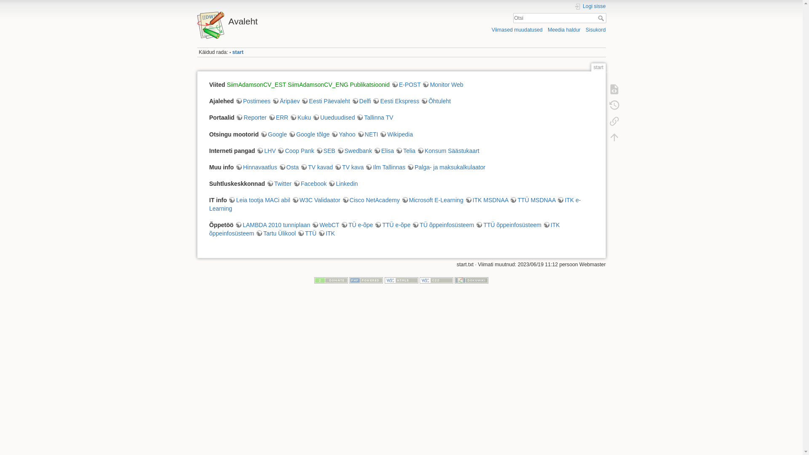  I want to click on 'Eesti Ekspress', so click(372, 100).